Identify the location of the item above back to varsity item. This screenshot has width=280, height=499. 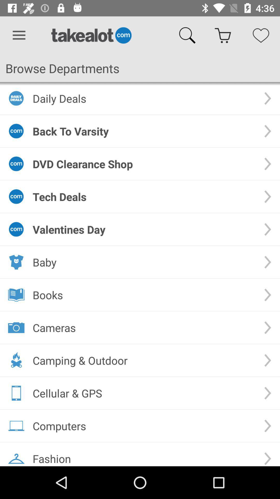
(144, 98).